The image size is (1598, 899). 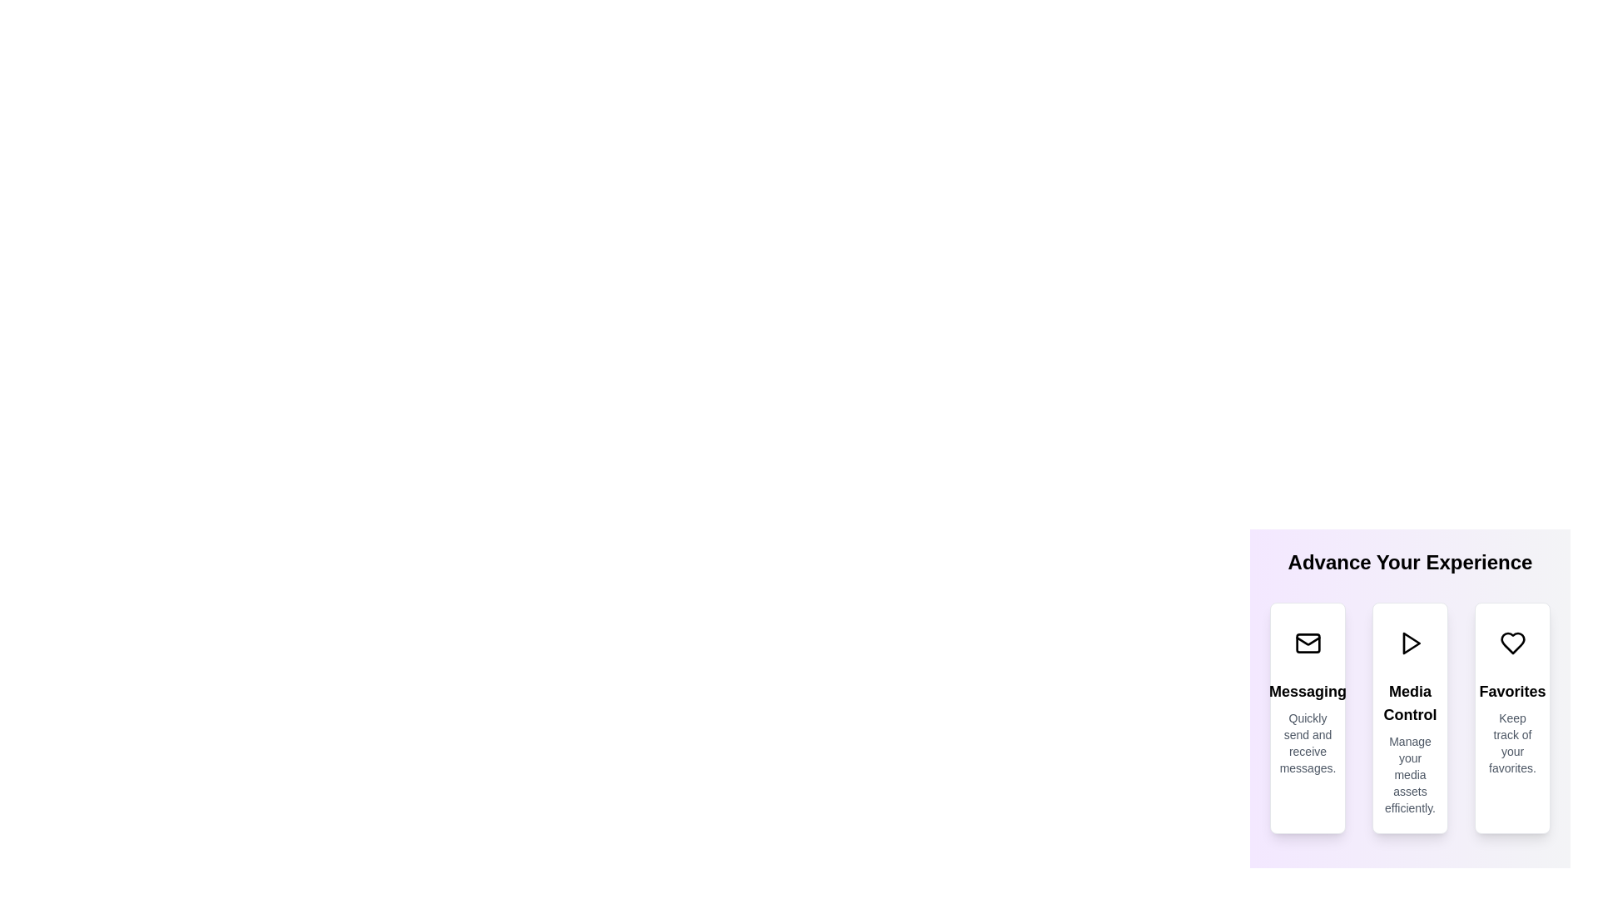 What do you see at coordinates (1409, 688) in the screenshot?
I see `the media management panel located centrally in the second column of the three-column grid layout` at bounding box center [1409, 688].